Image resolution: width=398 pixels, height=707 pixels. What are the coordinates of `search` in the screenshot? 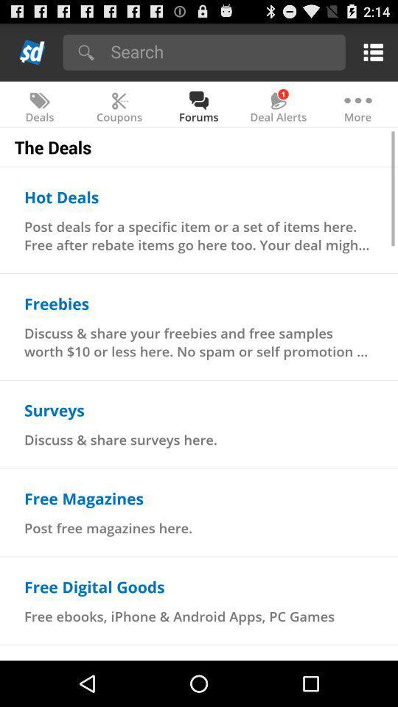 It's located at (223, 51).